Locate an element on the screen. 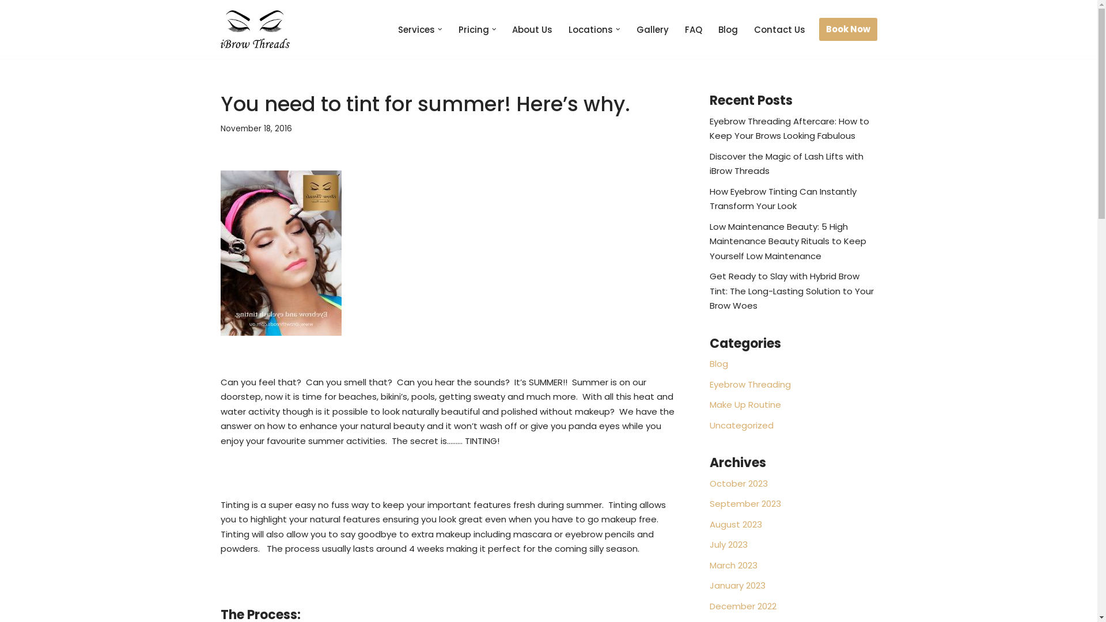  'Services' is located at coordinates (416, 29).